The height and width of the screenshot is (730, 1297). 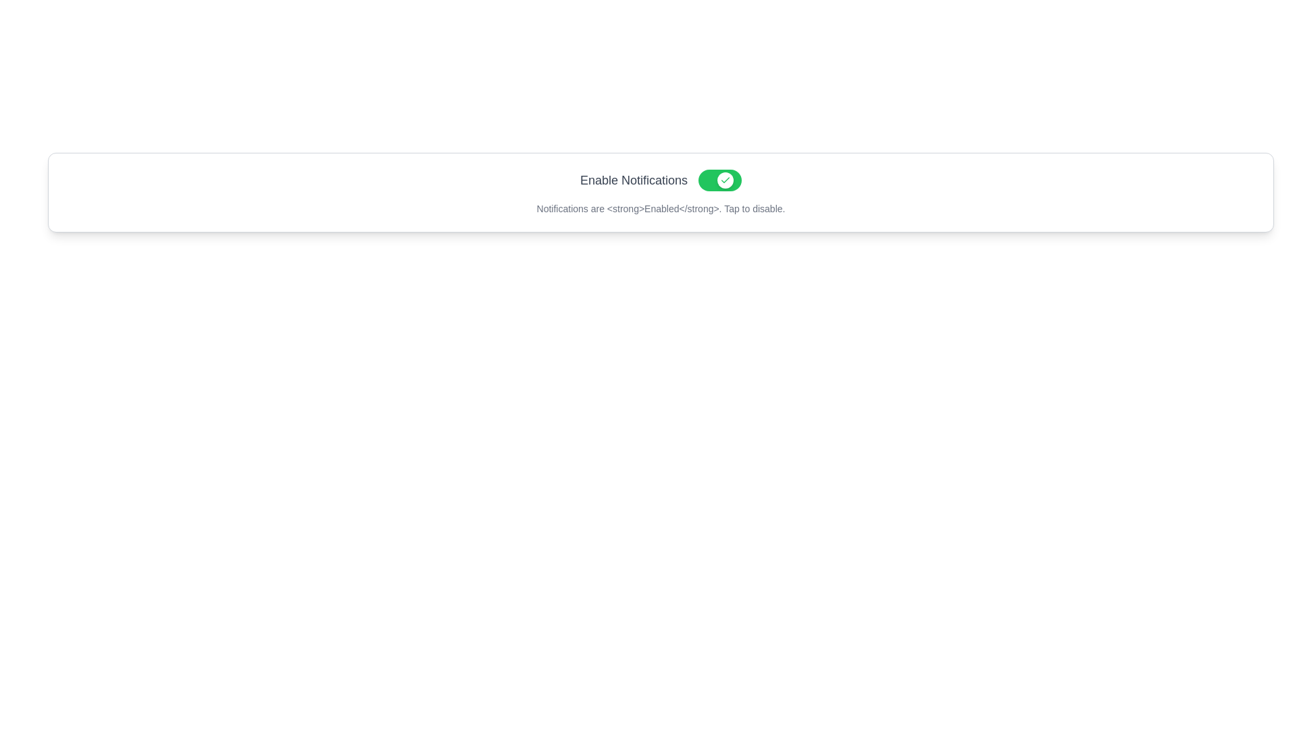 What do you see at coordinates (725, 179) in the screenshot?
I see `the green checkmark icon indicating the enabled state of the toggle switch for 'Enable Notifications'` at bounding box center [725, 179].